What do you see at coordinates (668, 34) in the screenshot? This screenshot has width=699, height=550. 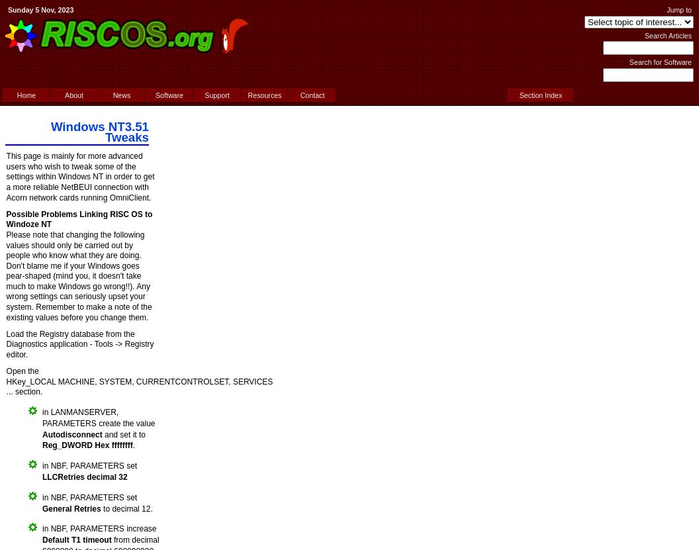 I see `'Search Articles'` at bounding box center [668, 34].